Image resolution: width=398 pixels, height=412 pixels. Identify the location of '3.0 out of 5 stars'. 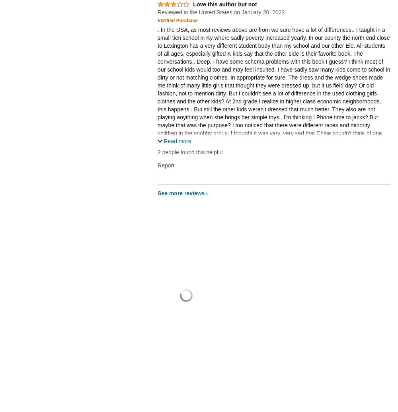
(172, 7).